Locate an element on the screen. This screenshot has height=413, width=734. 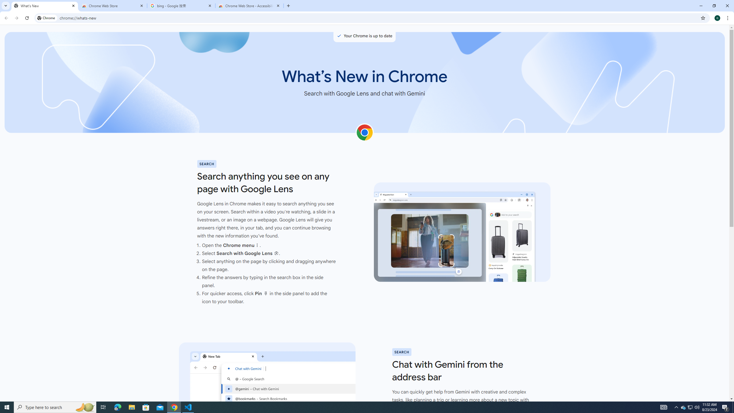
'Google Lens on a product page.' is located at coordinates (462, 232).